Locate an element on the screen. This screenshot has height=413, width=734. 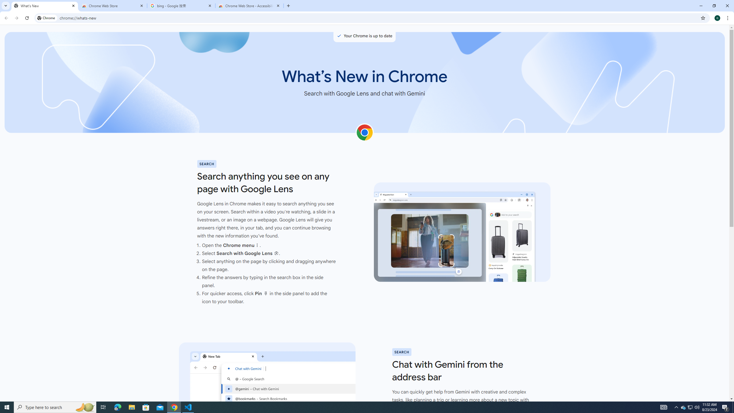
'Google Lens on a product page.' is located at coordinates (462, 232).